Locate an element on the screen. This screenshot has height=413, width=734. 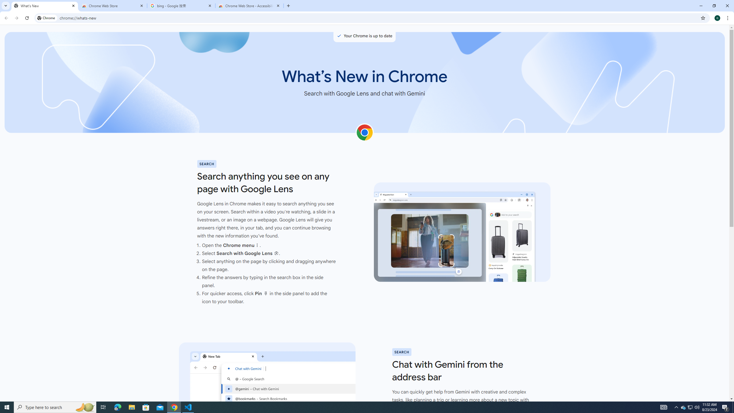
'Google Lens on a product page.' is located at coordinates (462, 232).